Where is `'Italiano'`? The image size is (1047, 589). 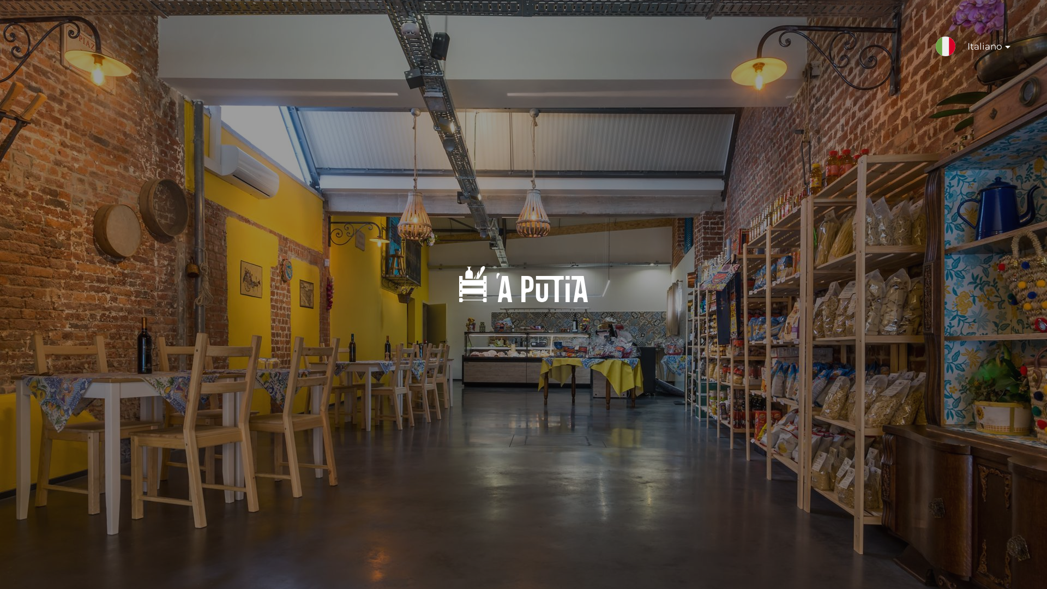 'Italiano' is located at coordinates (984, 52).